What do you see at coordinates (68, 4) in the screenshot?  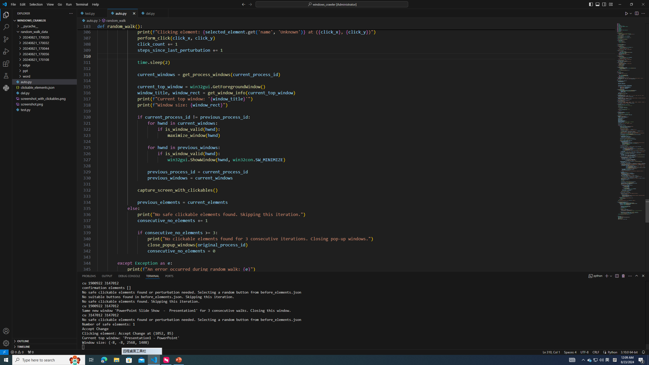 I see `'Run'` at bounding box center [68, 4].